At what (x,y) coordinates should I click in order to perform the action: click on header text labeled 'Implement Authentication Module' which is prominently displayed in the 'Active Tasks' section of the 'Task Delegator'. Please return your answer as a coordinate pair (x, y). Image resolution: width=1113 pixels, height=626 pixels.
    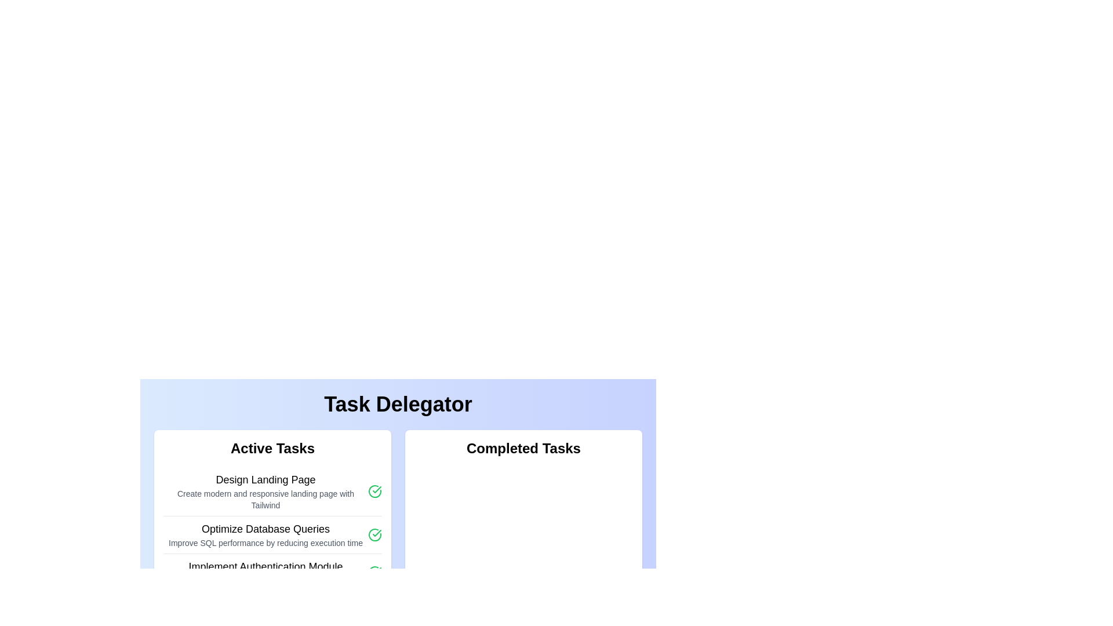
    Looking at the image, I should click on (265, 566).